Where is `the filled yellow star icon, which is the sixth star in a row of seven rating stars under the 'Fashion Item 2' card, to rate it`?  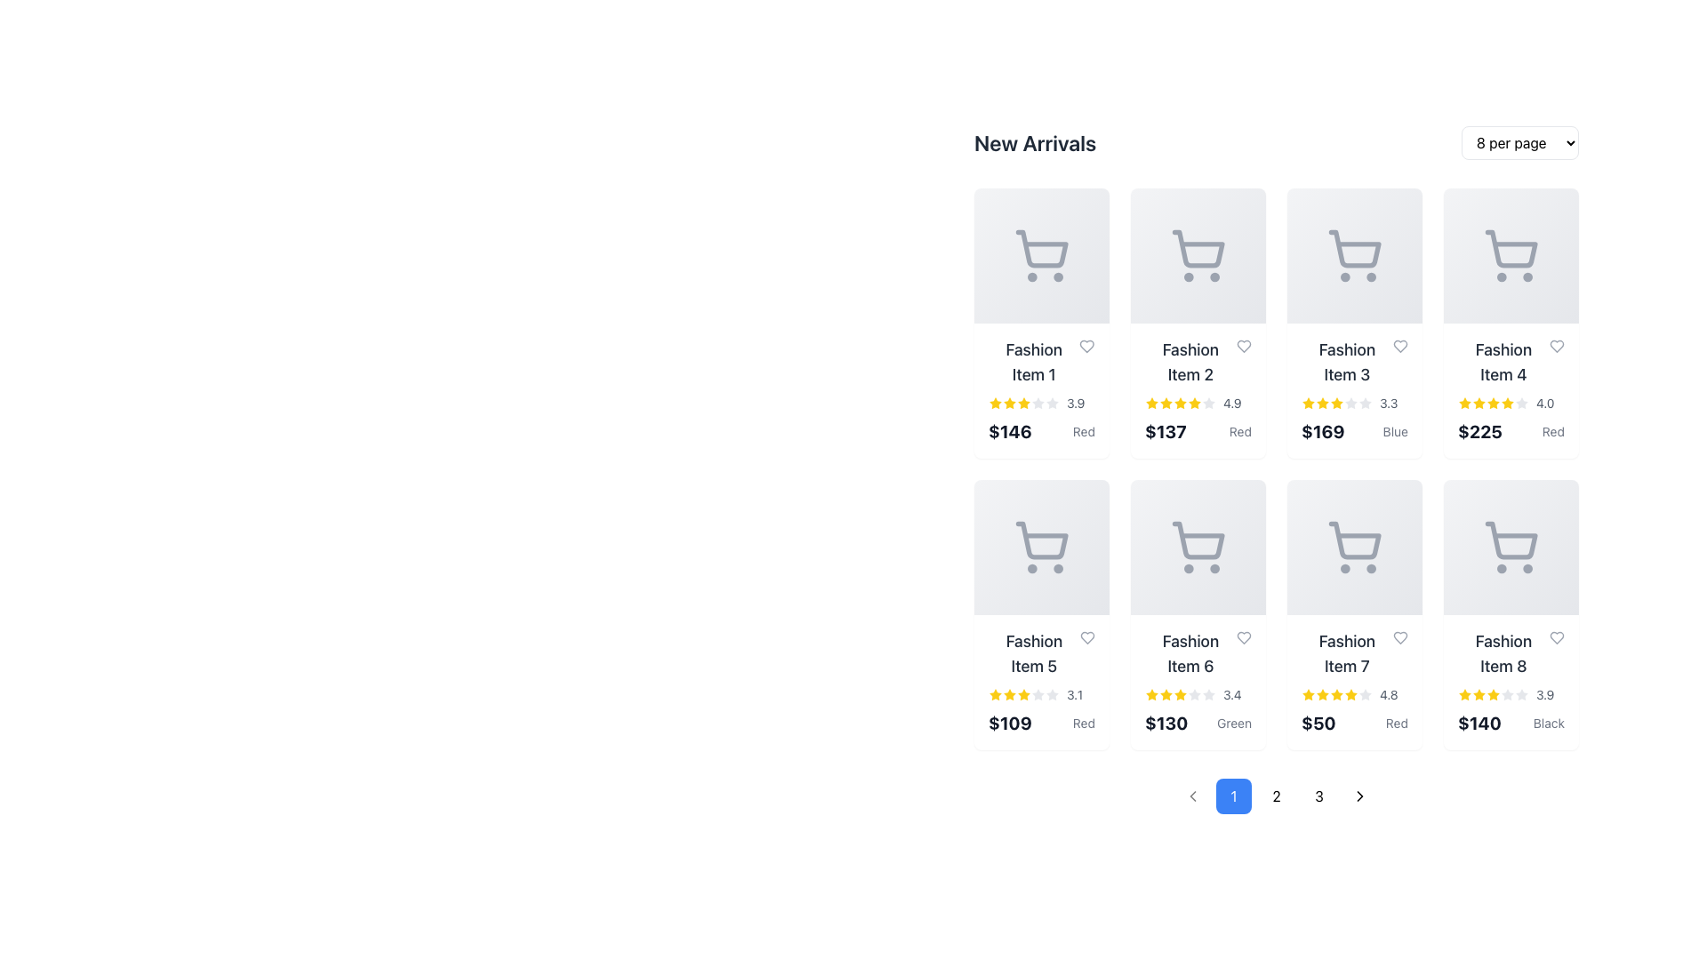
the filled yellow star icon, which is the sixth star in a row of seven rating stars under the 'Fashion Item 2' card, to rate it is located at coordinates (1195, 404).